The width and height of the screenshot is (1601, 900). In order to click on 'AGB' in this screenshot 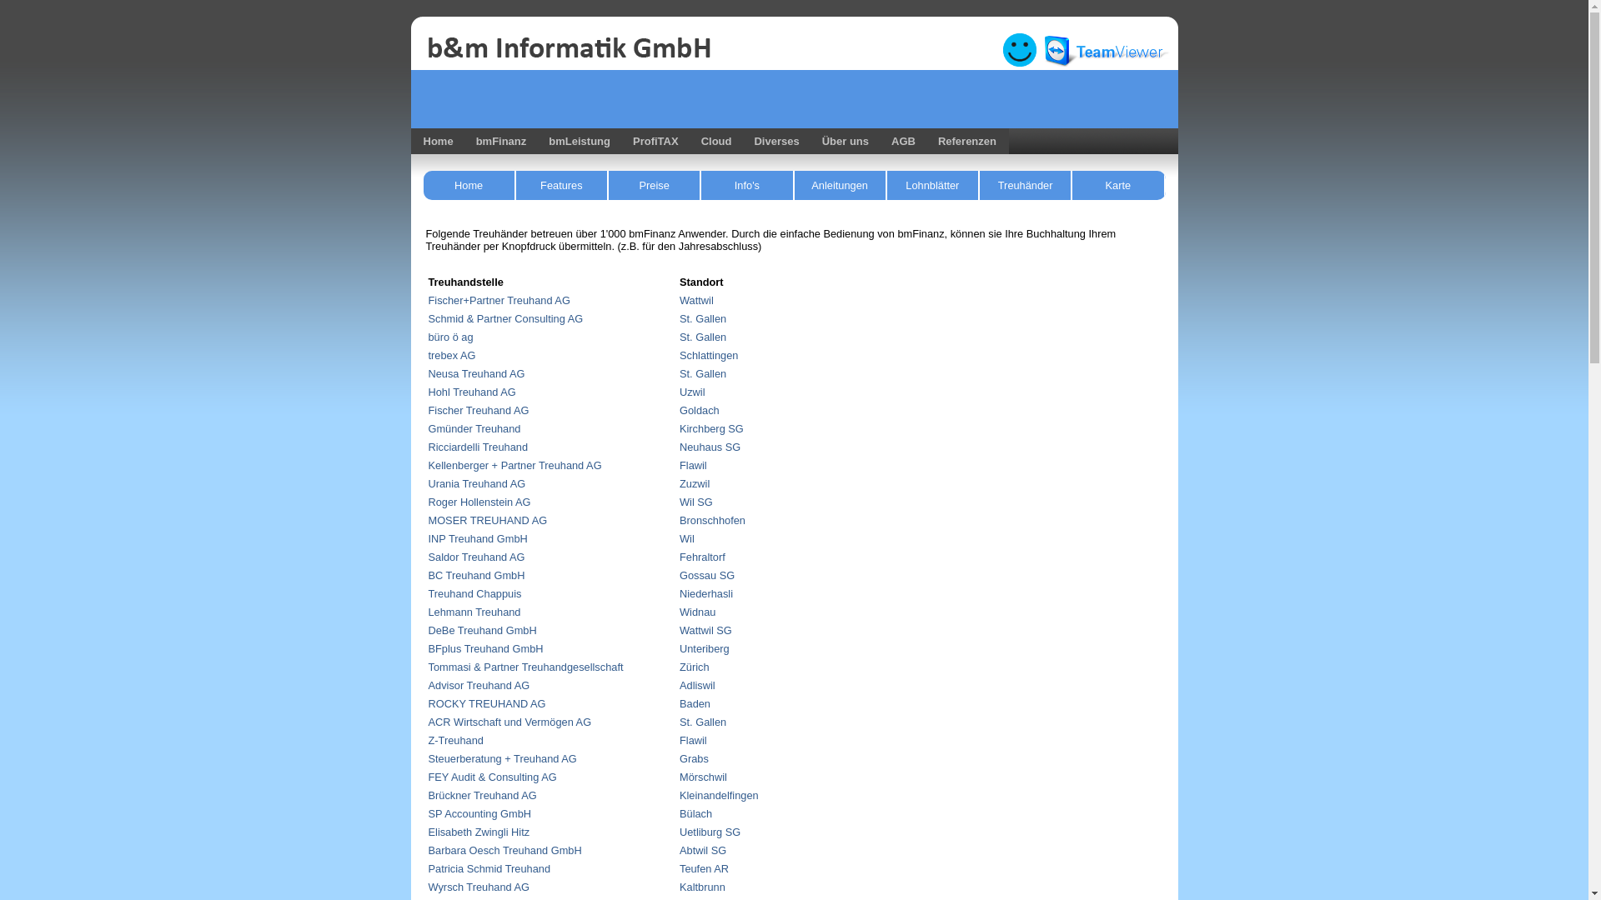, I will do `click(900, 140)`.